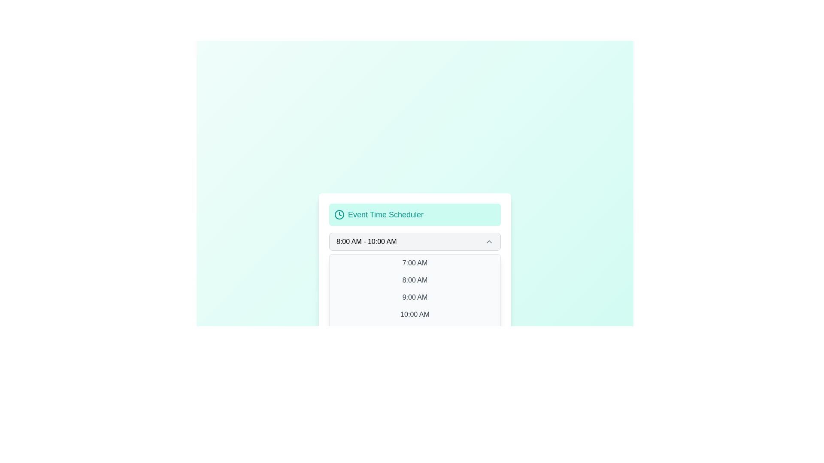 The height and width of the screenshot is (463, 824). I want to click on the selectable time option labeled '9:00 AM' in the dropdown menu located beneath the '8:00 AM - 10:00 AM' time range selection field in the 'Event Time Scheduler' component, so click(415, 297).